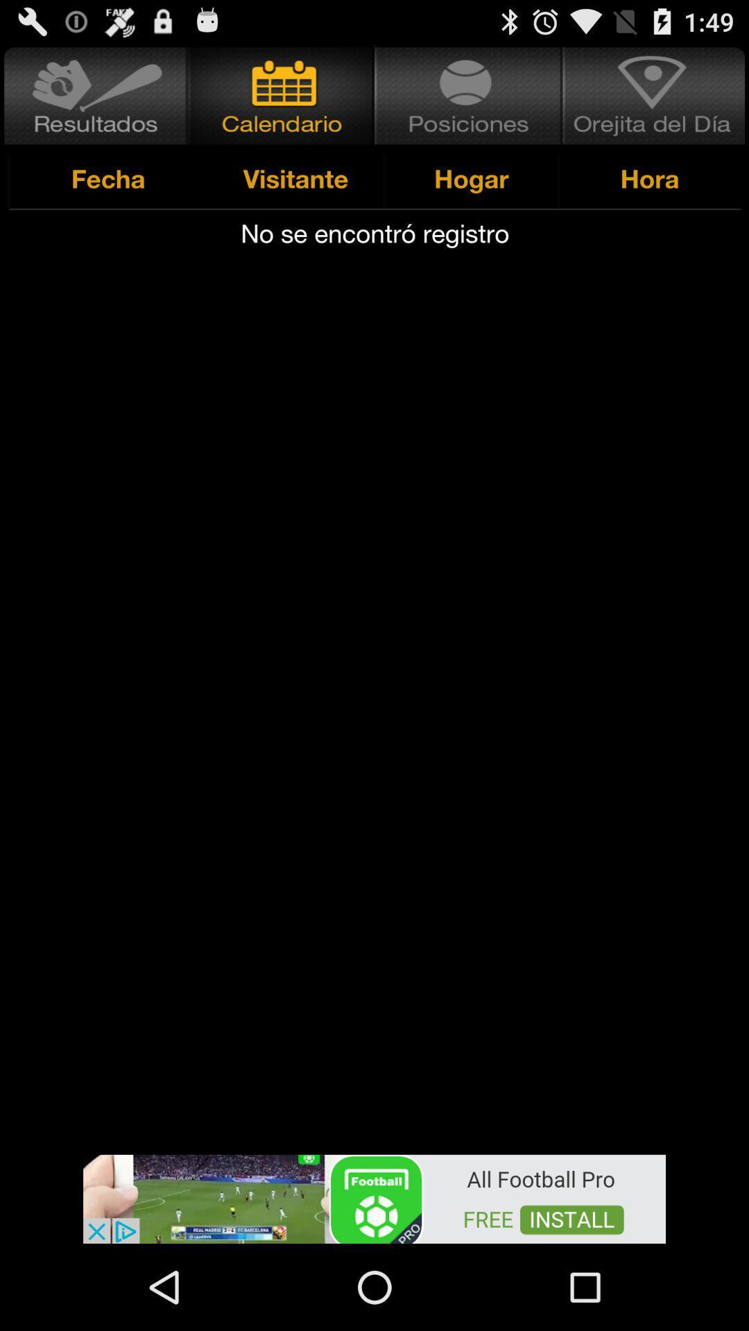  I want to click on posiciones option, so click(468, 95).